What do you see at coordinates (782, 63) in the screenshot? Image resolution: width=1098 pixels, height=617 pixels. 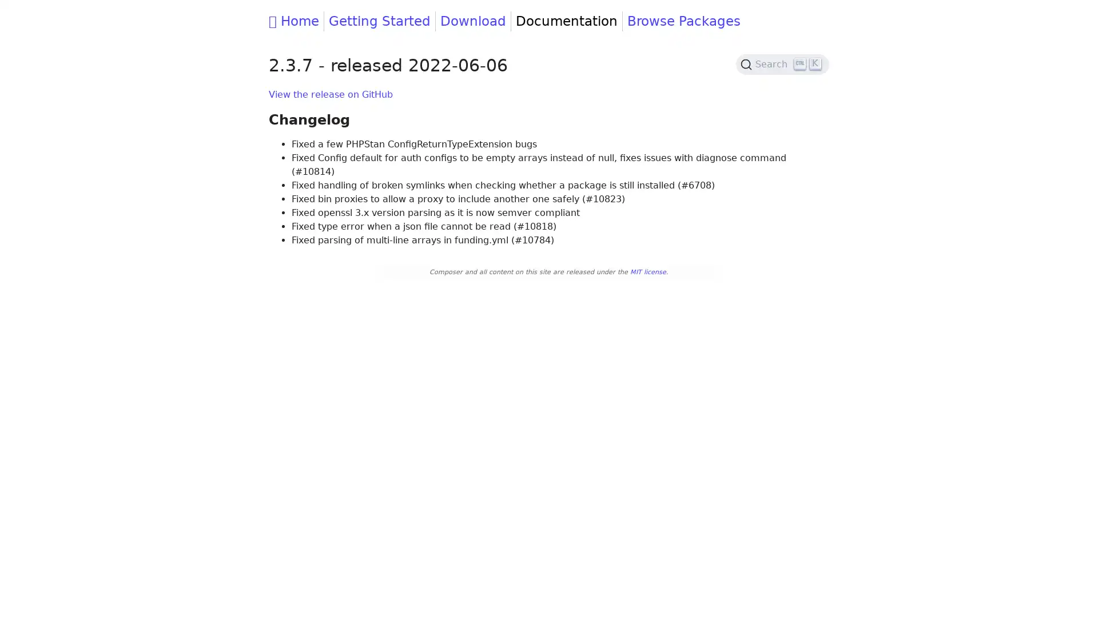 I see `Search` at bounding box center [782, 63].